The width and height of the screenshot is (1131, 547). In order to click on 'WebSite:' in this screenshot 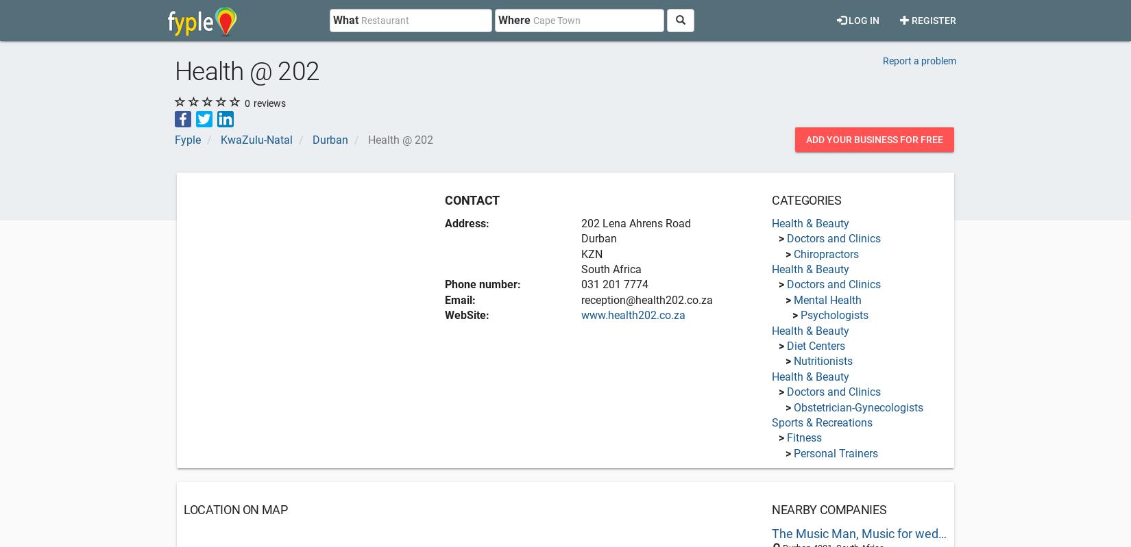, I will do `click(466, 315)`.